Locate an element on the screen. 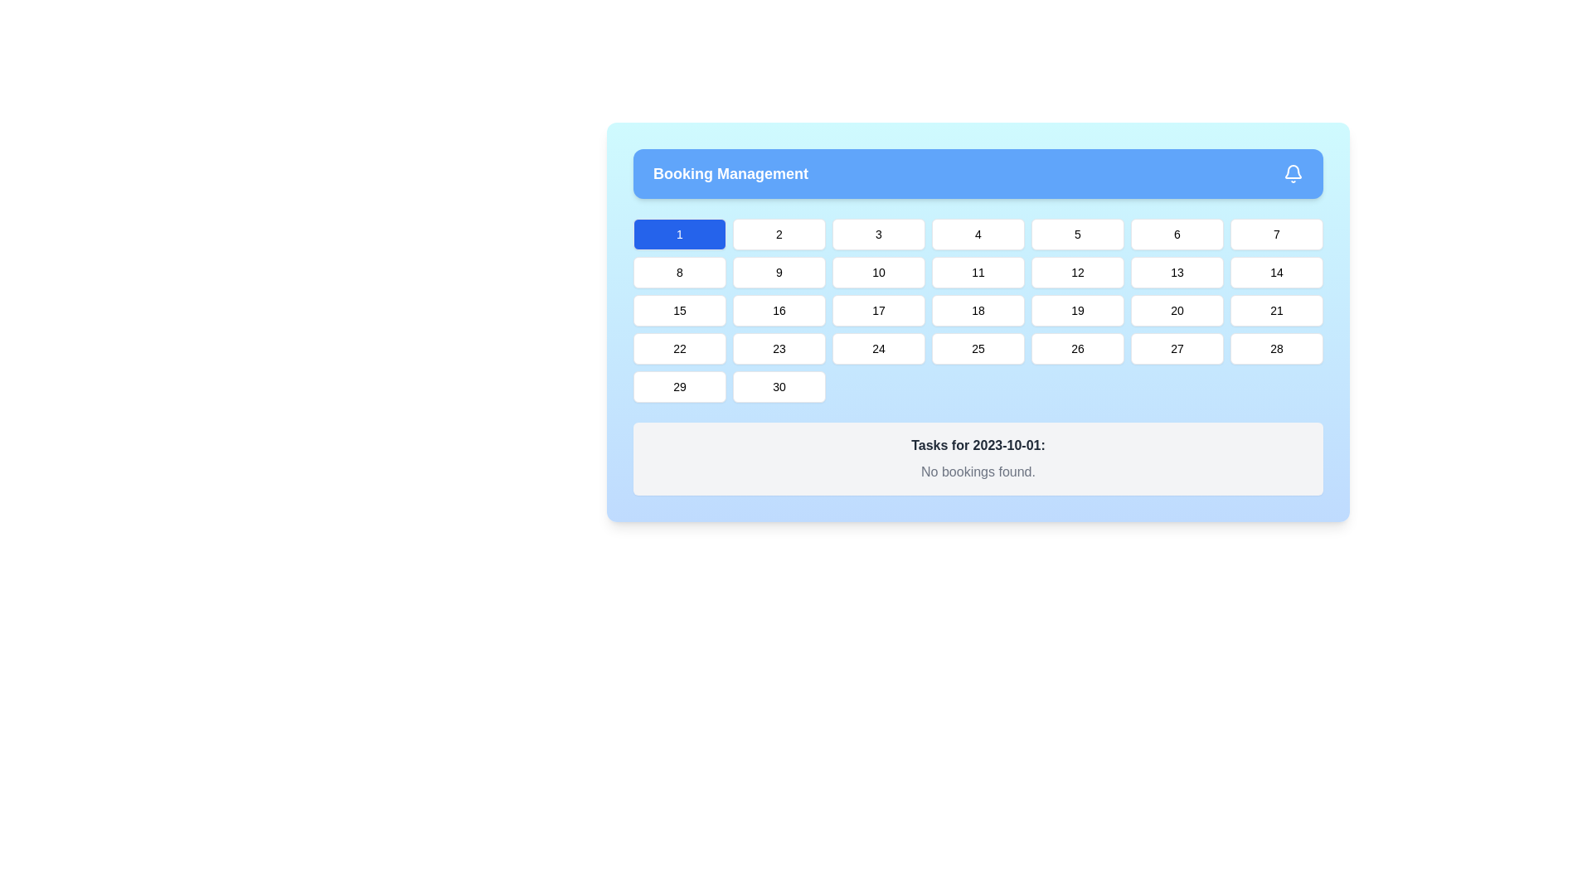 The image size is (1592, 895). the rounded rectangular button labeled '18' in the calendar grid located in the third row and fourth column is located at coordinates (978, 310).